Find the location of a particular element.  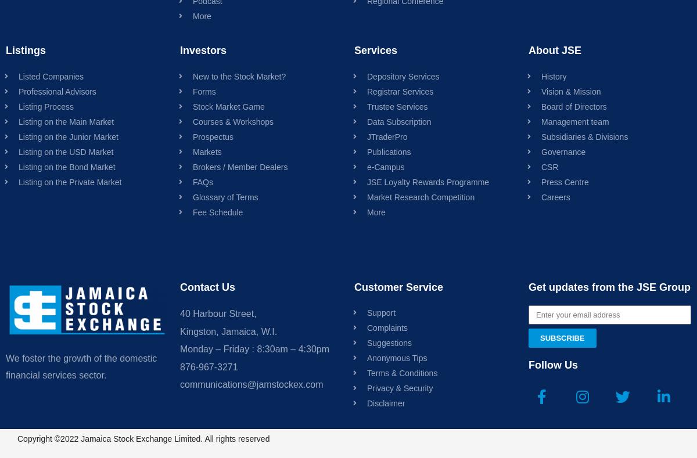

'Disclaimer' is located at coordinates (386, 403).